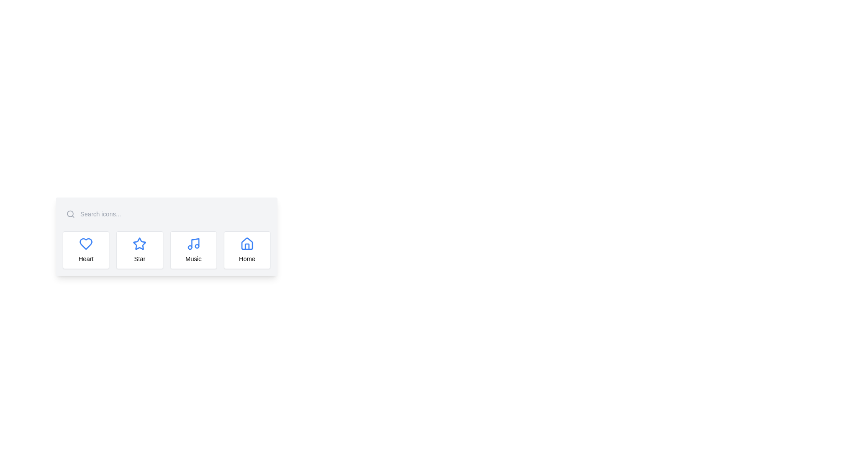 The image size is (843, 474). I want to click on the 'Music' text label located at the bottom of the card beneath the music icon, so click(193, 259).